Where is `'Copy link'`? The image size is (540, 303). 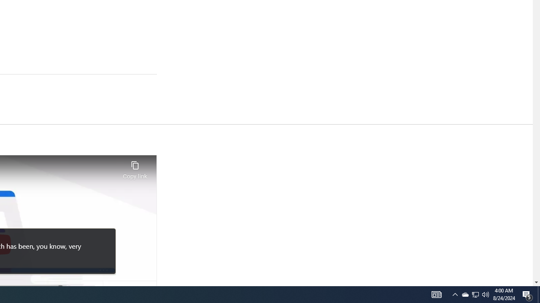 'Copy link' is located at coordinates (135, 167).